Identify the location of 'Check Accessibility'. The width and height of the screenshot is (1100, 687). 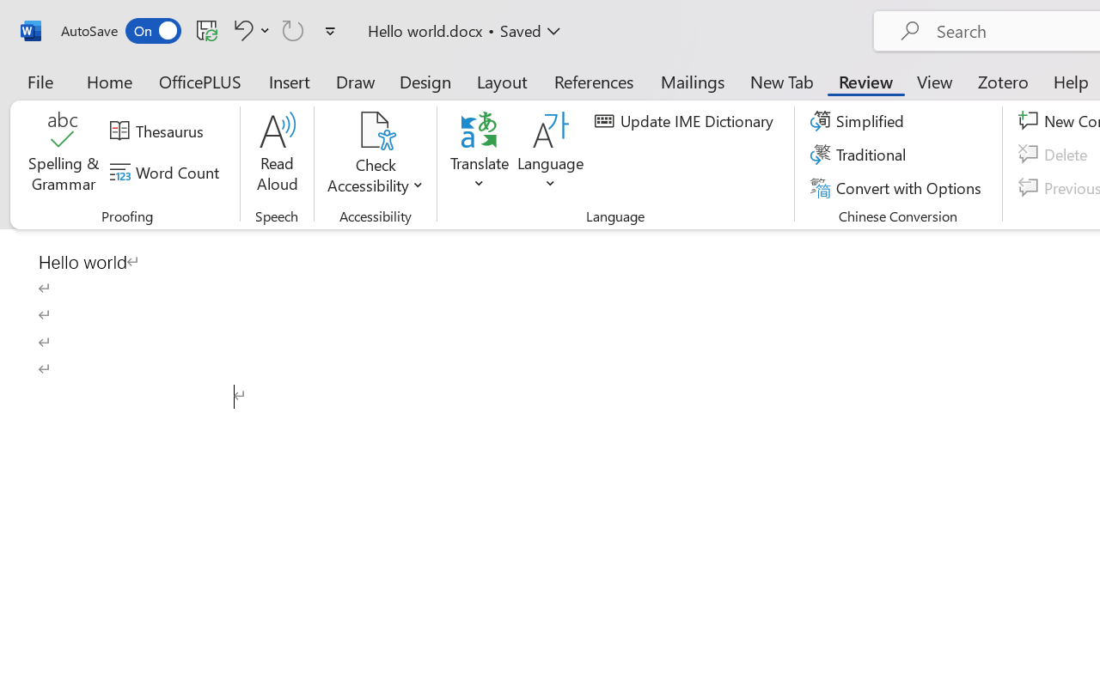
(375, 154).